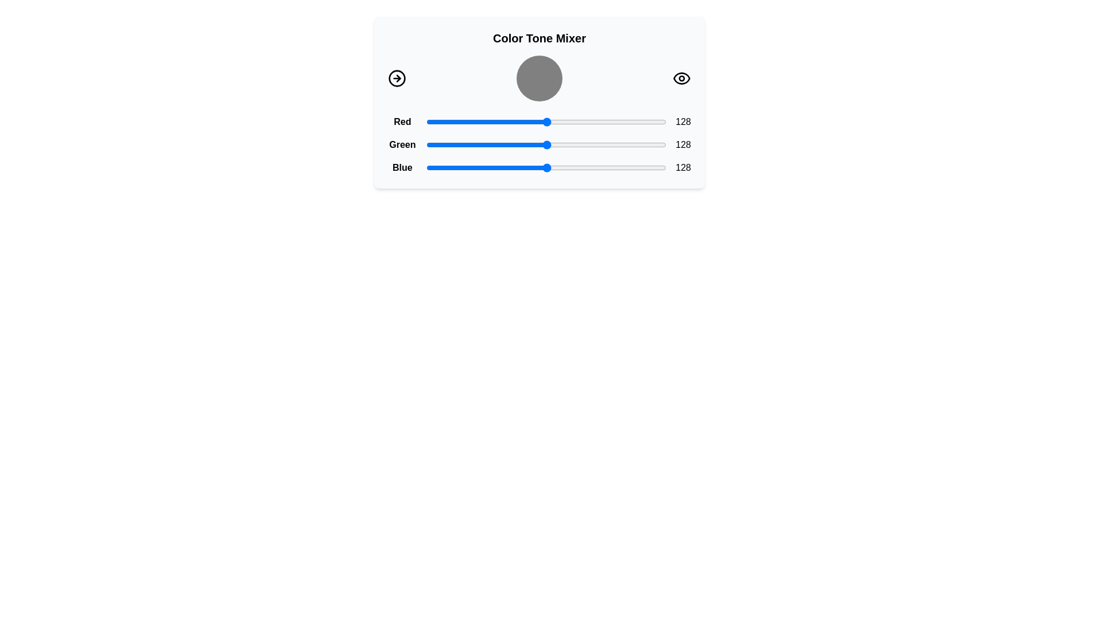 The width and height of the screenshot is (1102, 619). Describe the element at coordinates (539, 78) in the screenshot. I see `the central static visual indicator representing a selected color or state within the mixer, located beneath the 'Color Tone Mixer' title` at that location.